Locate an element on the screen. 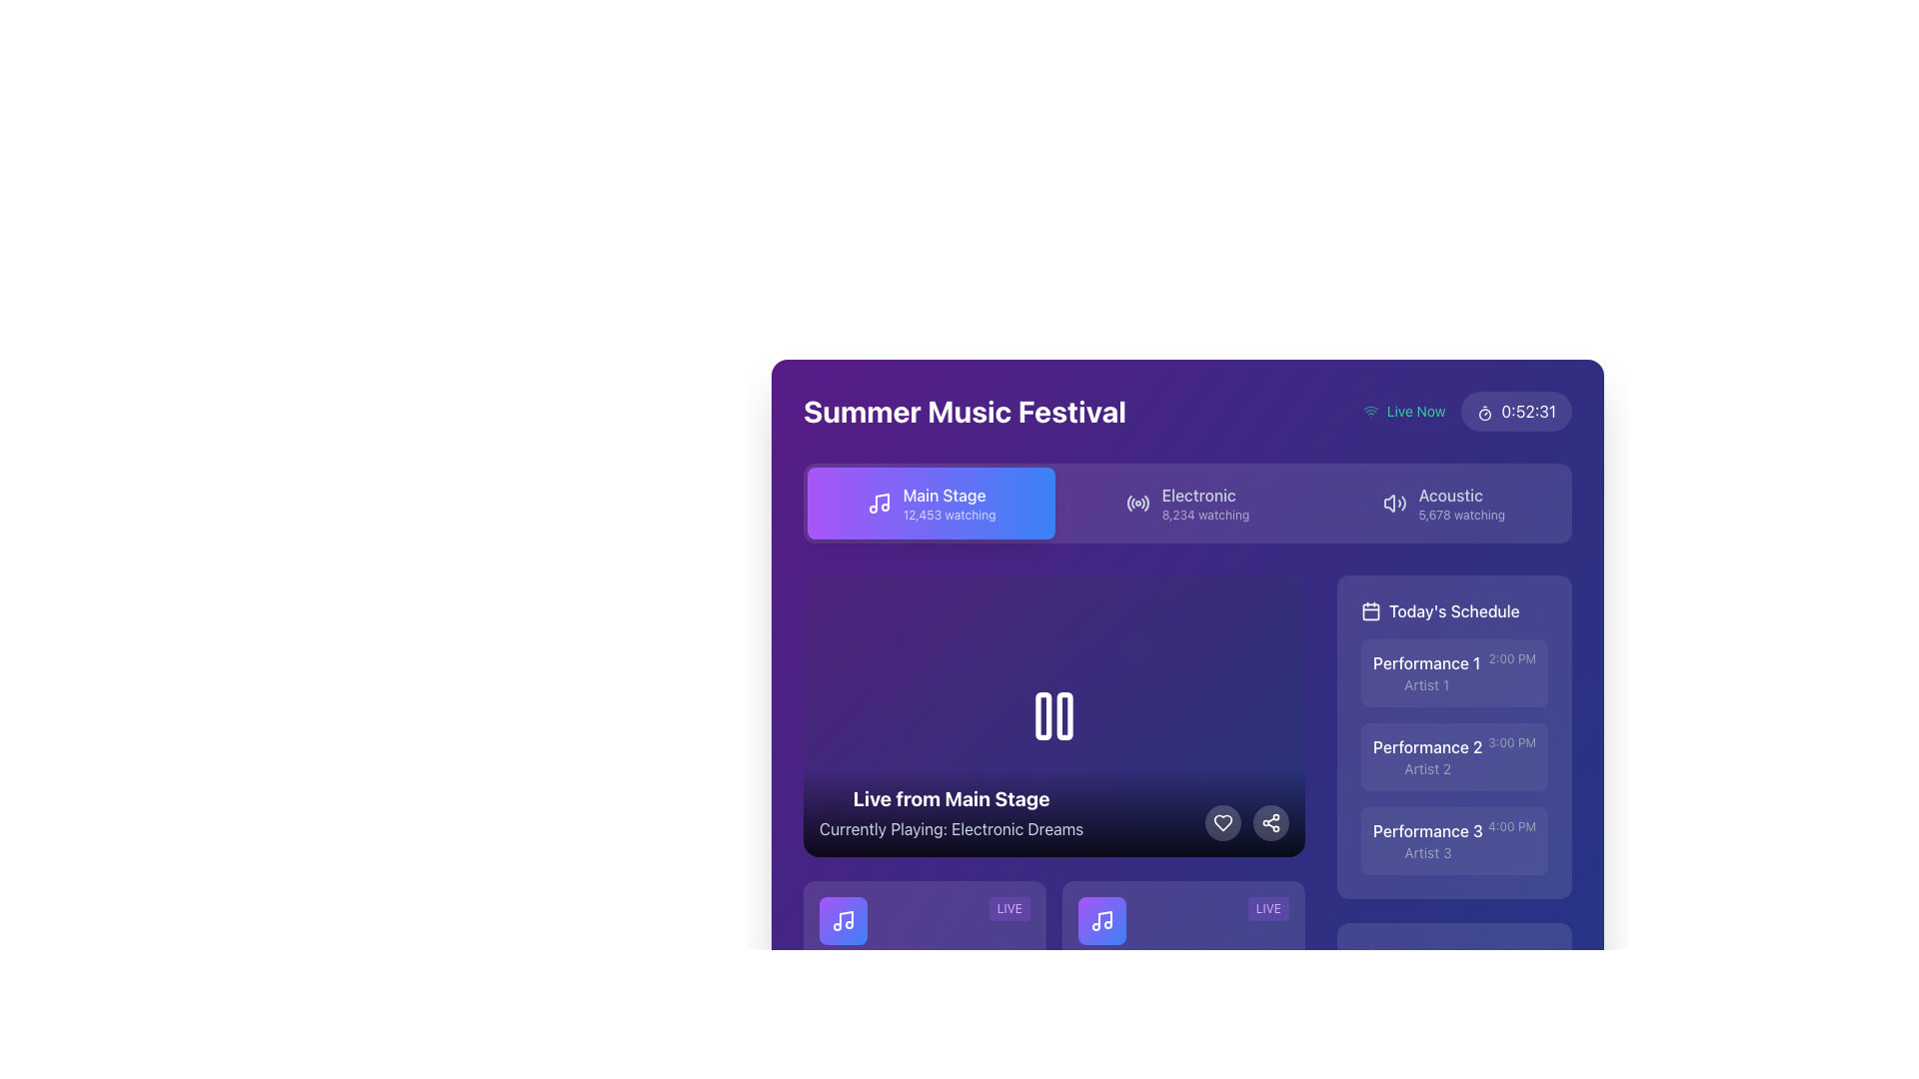 The width and height of the screenshot is (1919, 1079). the 'Electronic' stage selector button is located at coordinates (1187, 503).